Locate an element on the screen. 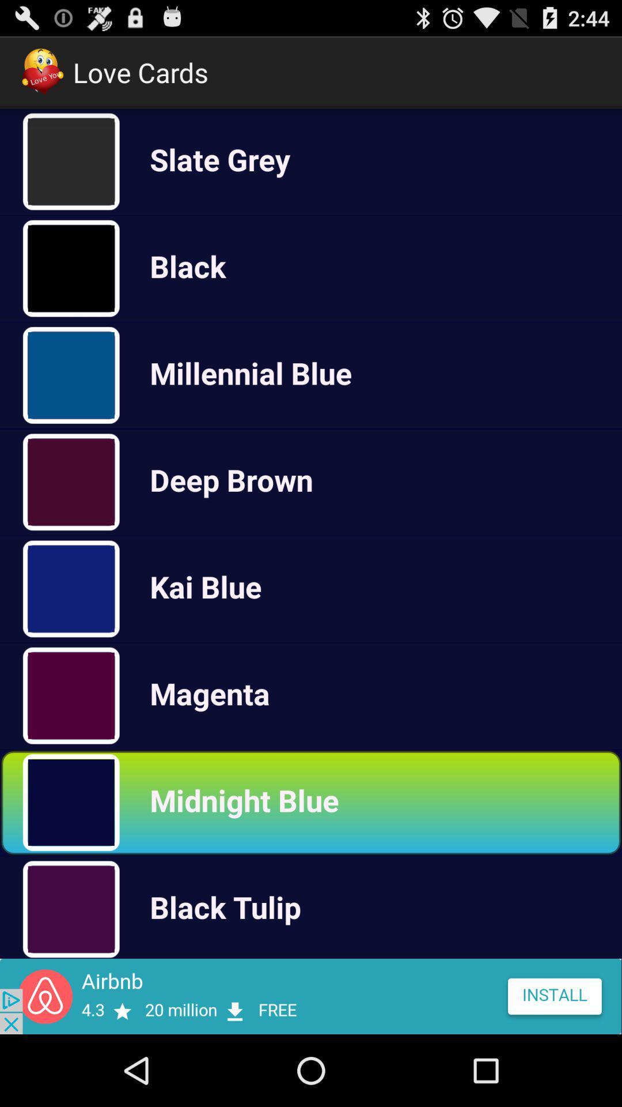 Image resolution: width=622 pixels, height=1107 pixels. install this app is located at coordinates (311, 996).